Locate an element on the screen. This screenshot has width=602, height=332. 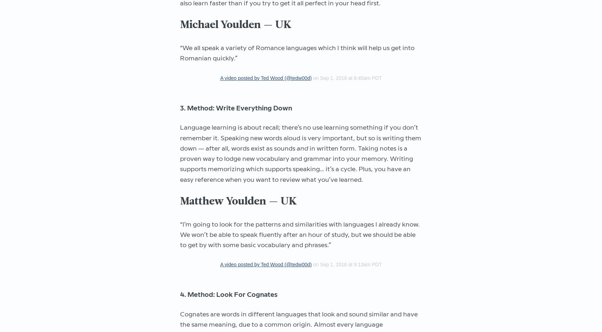
'3. Method: Write Everything Down' is located at coordinates (236, 108).